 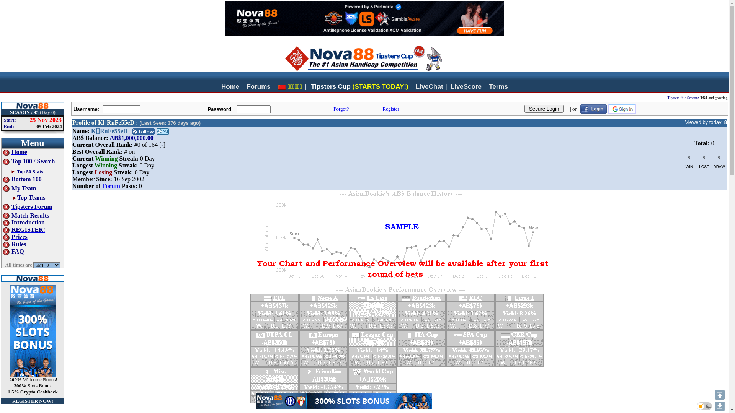 What do you see at coordinates (341, 108) in the screenshot?
I see `'Forgot?'` at bounding box center [341, 108].